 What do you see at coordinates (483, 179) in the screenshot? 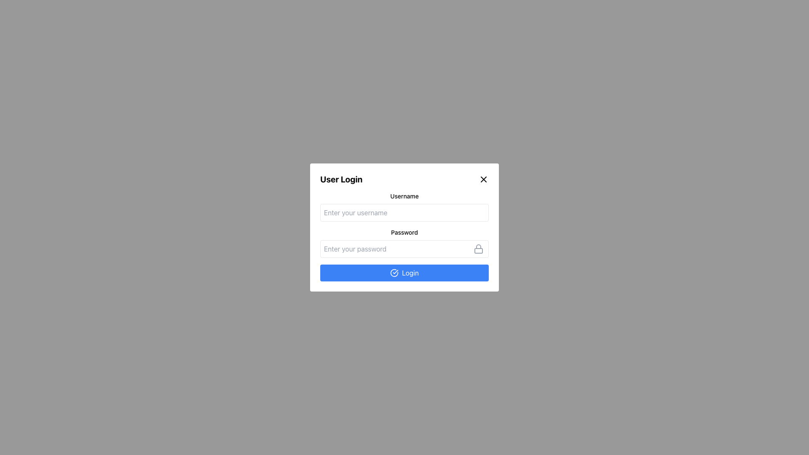
I see `the close button in the top-right corner of the 'User Login' dialog box` at bounding box center [483, 179].